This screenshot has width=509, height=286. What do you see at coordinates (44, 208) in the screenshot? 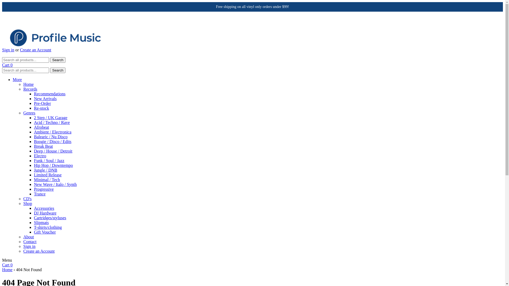
I see `'Accessories'` at bounding box center [44, 208].